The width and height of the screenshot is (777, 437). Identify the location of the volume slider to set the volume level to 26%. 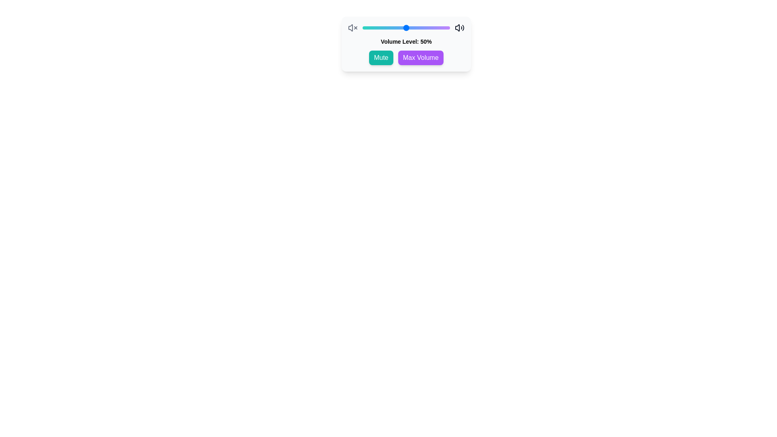
(385, 28).